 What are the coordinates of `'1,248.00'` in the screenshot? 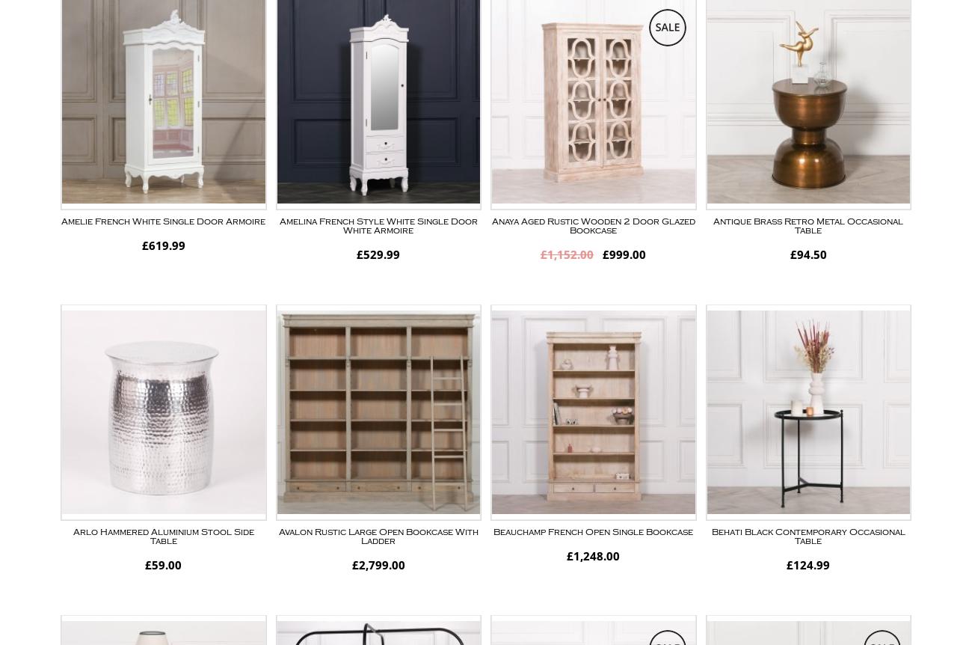 It's located at (595, 555).